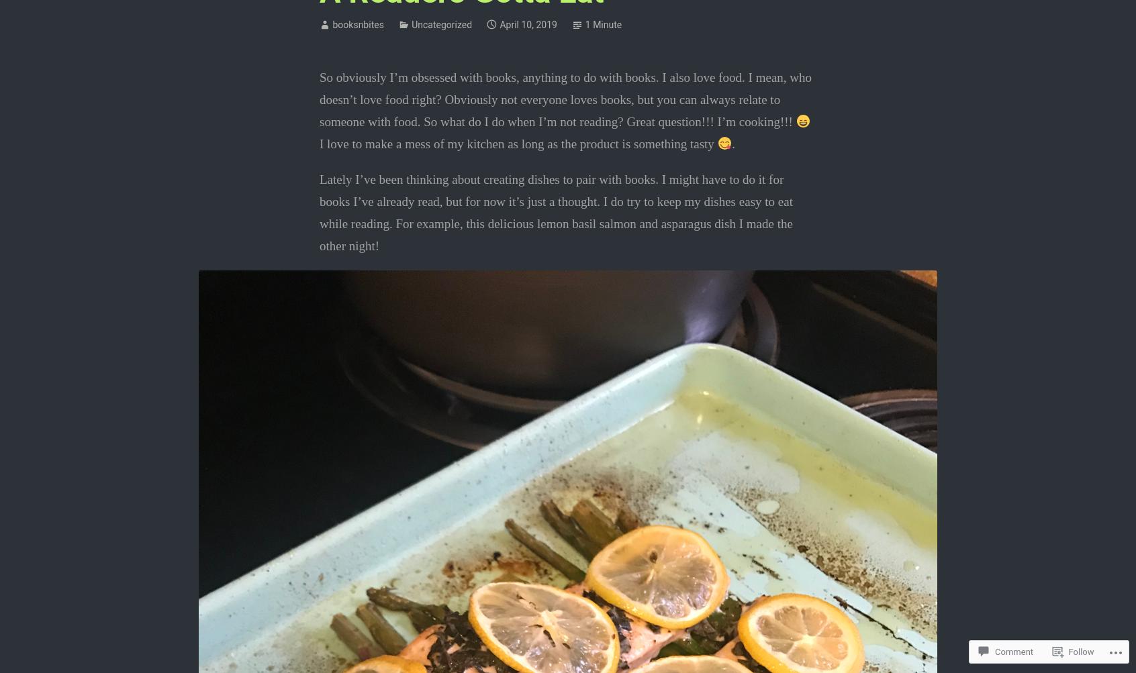 The width and height of the screenshot is (1136, 673). What do you see at coordinates (995, 650) in the screenshot?
I see `'Comment'` at bounding box center [995, 650].